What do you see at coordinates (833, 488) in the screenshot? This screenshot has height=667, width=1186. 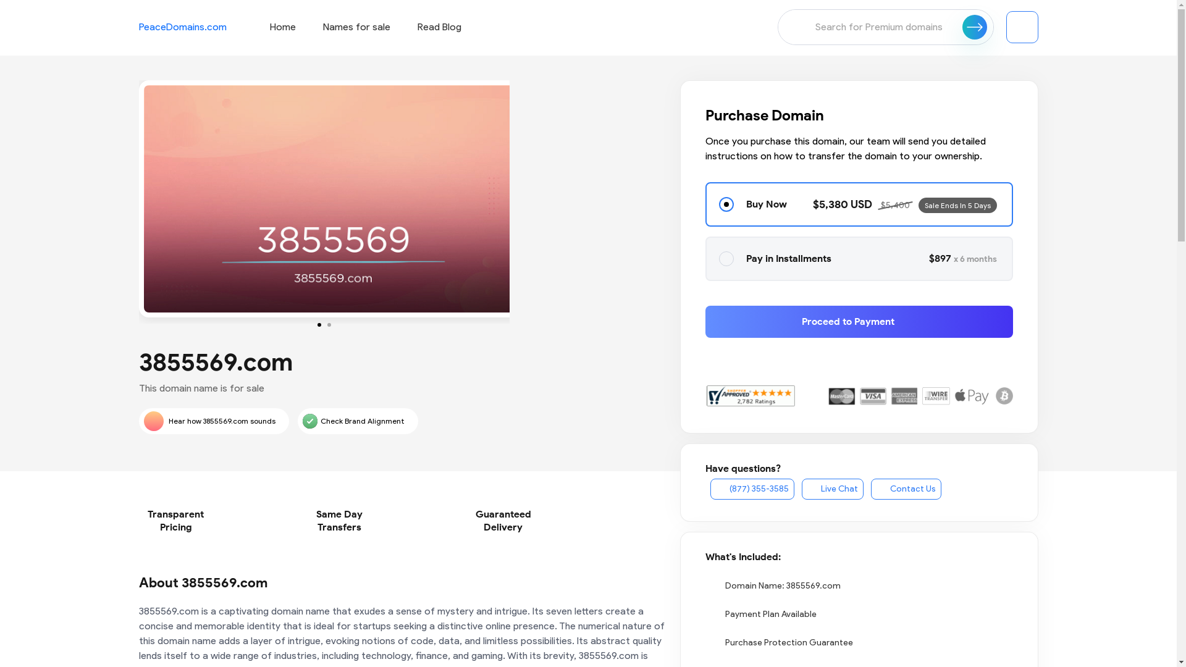 I see `'Live Chat'` at bounding box center [833, 488].